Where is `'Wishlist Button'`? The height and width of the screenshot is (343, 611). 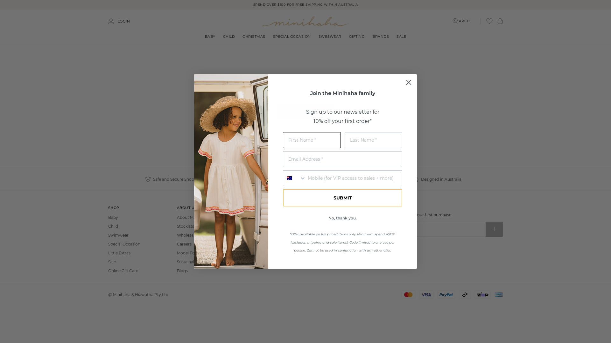 'Wishlist Button' is located at coordinates (489, 20).